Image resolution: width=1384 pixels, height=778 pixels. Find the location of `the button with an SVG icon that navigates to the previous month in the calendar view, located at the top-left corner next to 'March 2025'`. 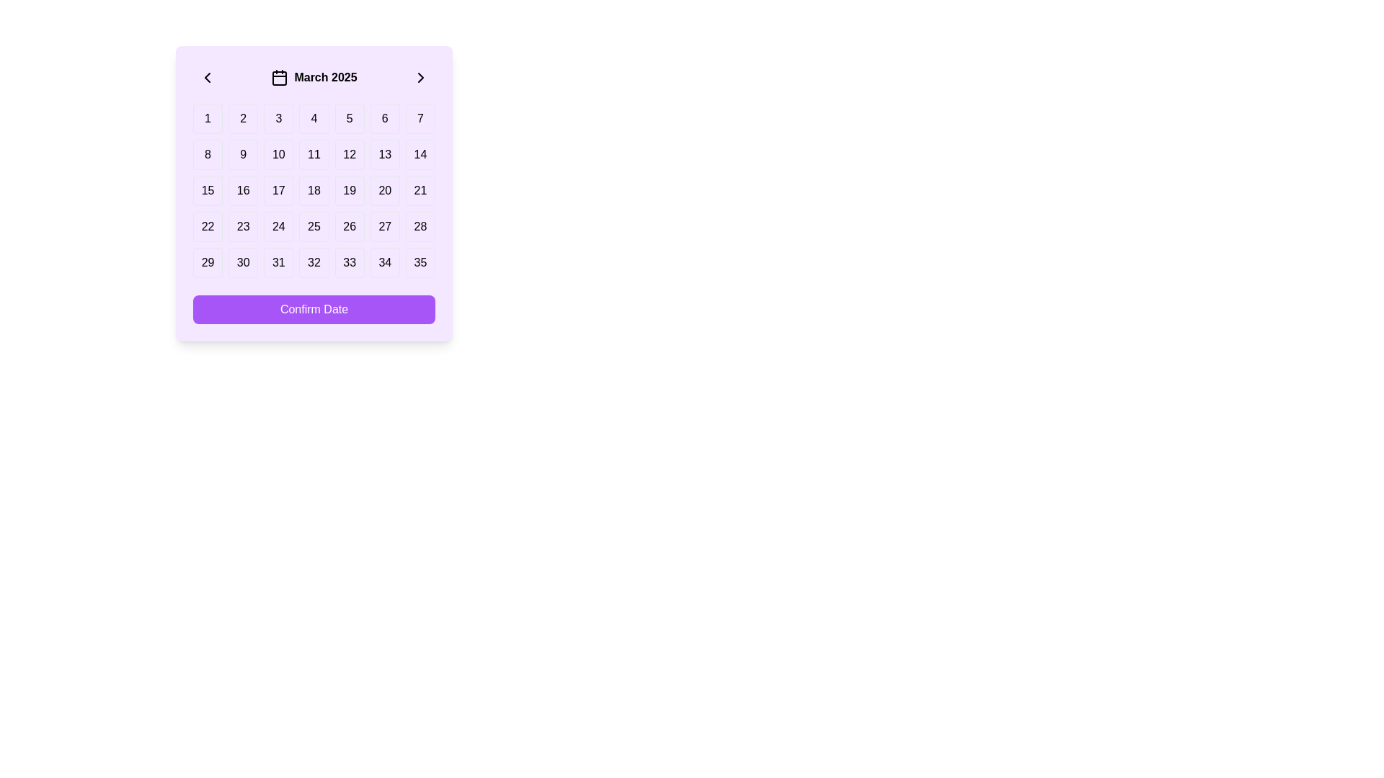

the button with an SVG icon that navigates to the previous month in the calendar view, located at the top-left corner next to 'March 2025' is located at coordinates (207, 78).